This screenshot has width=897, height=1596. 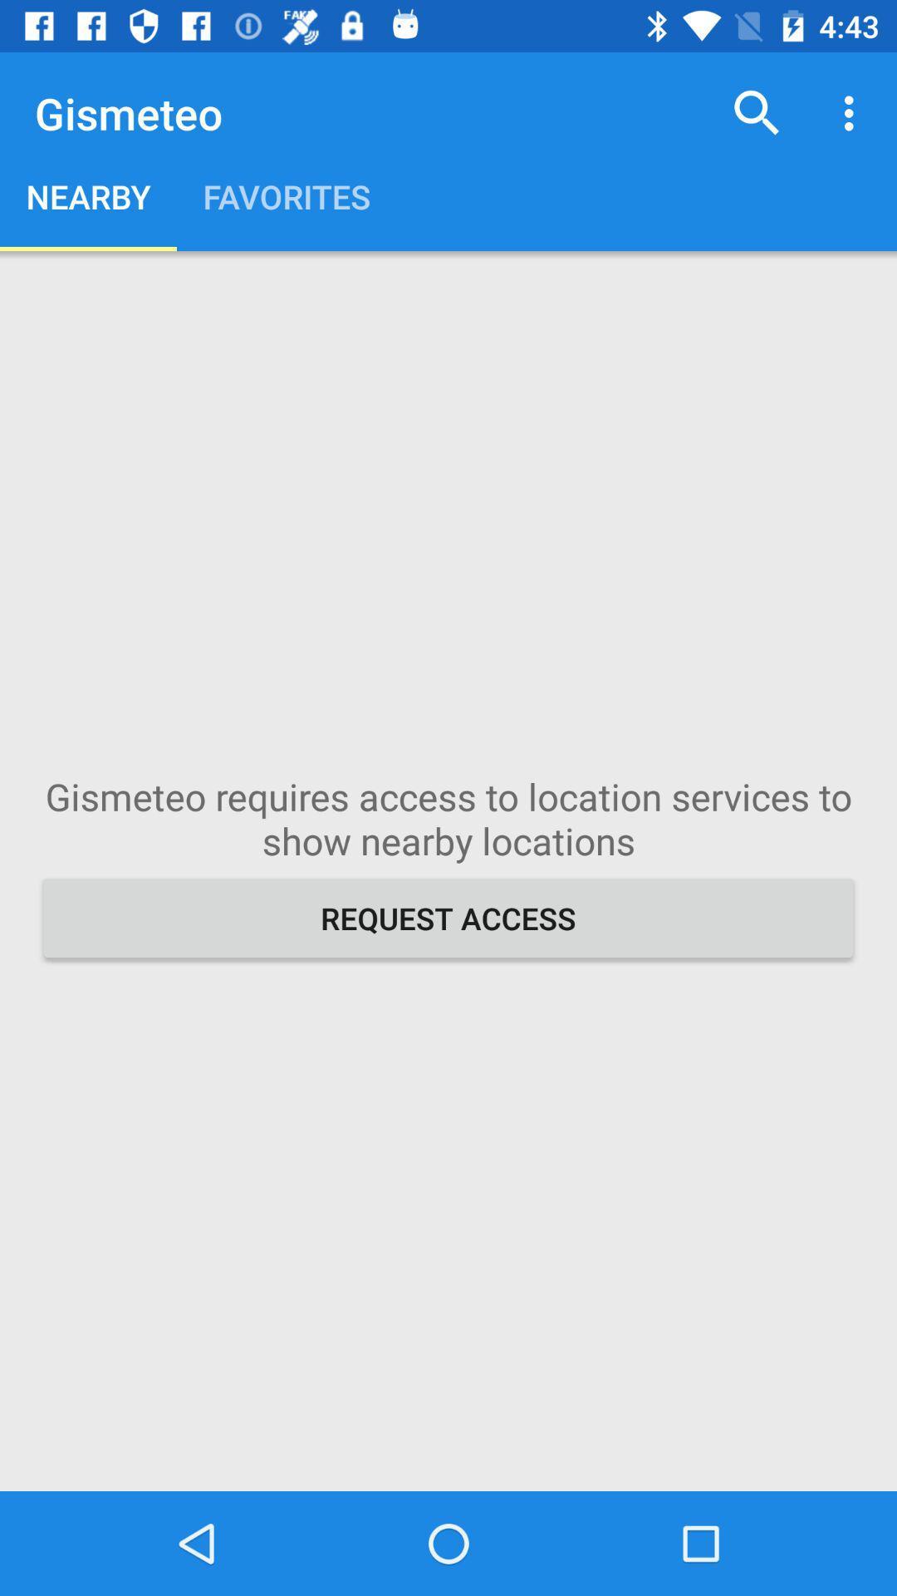 What do you see at coordinates (448, 917) in the screenshot?
I see `the request access icon` at bounding box center [448, 917].